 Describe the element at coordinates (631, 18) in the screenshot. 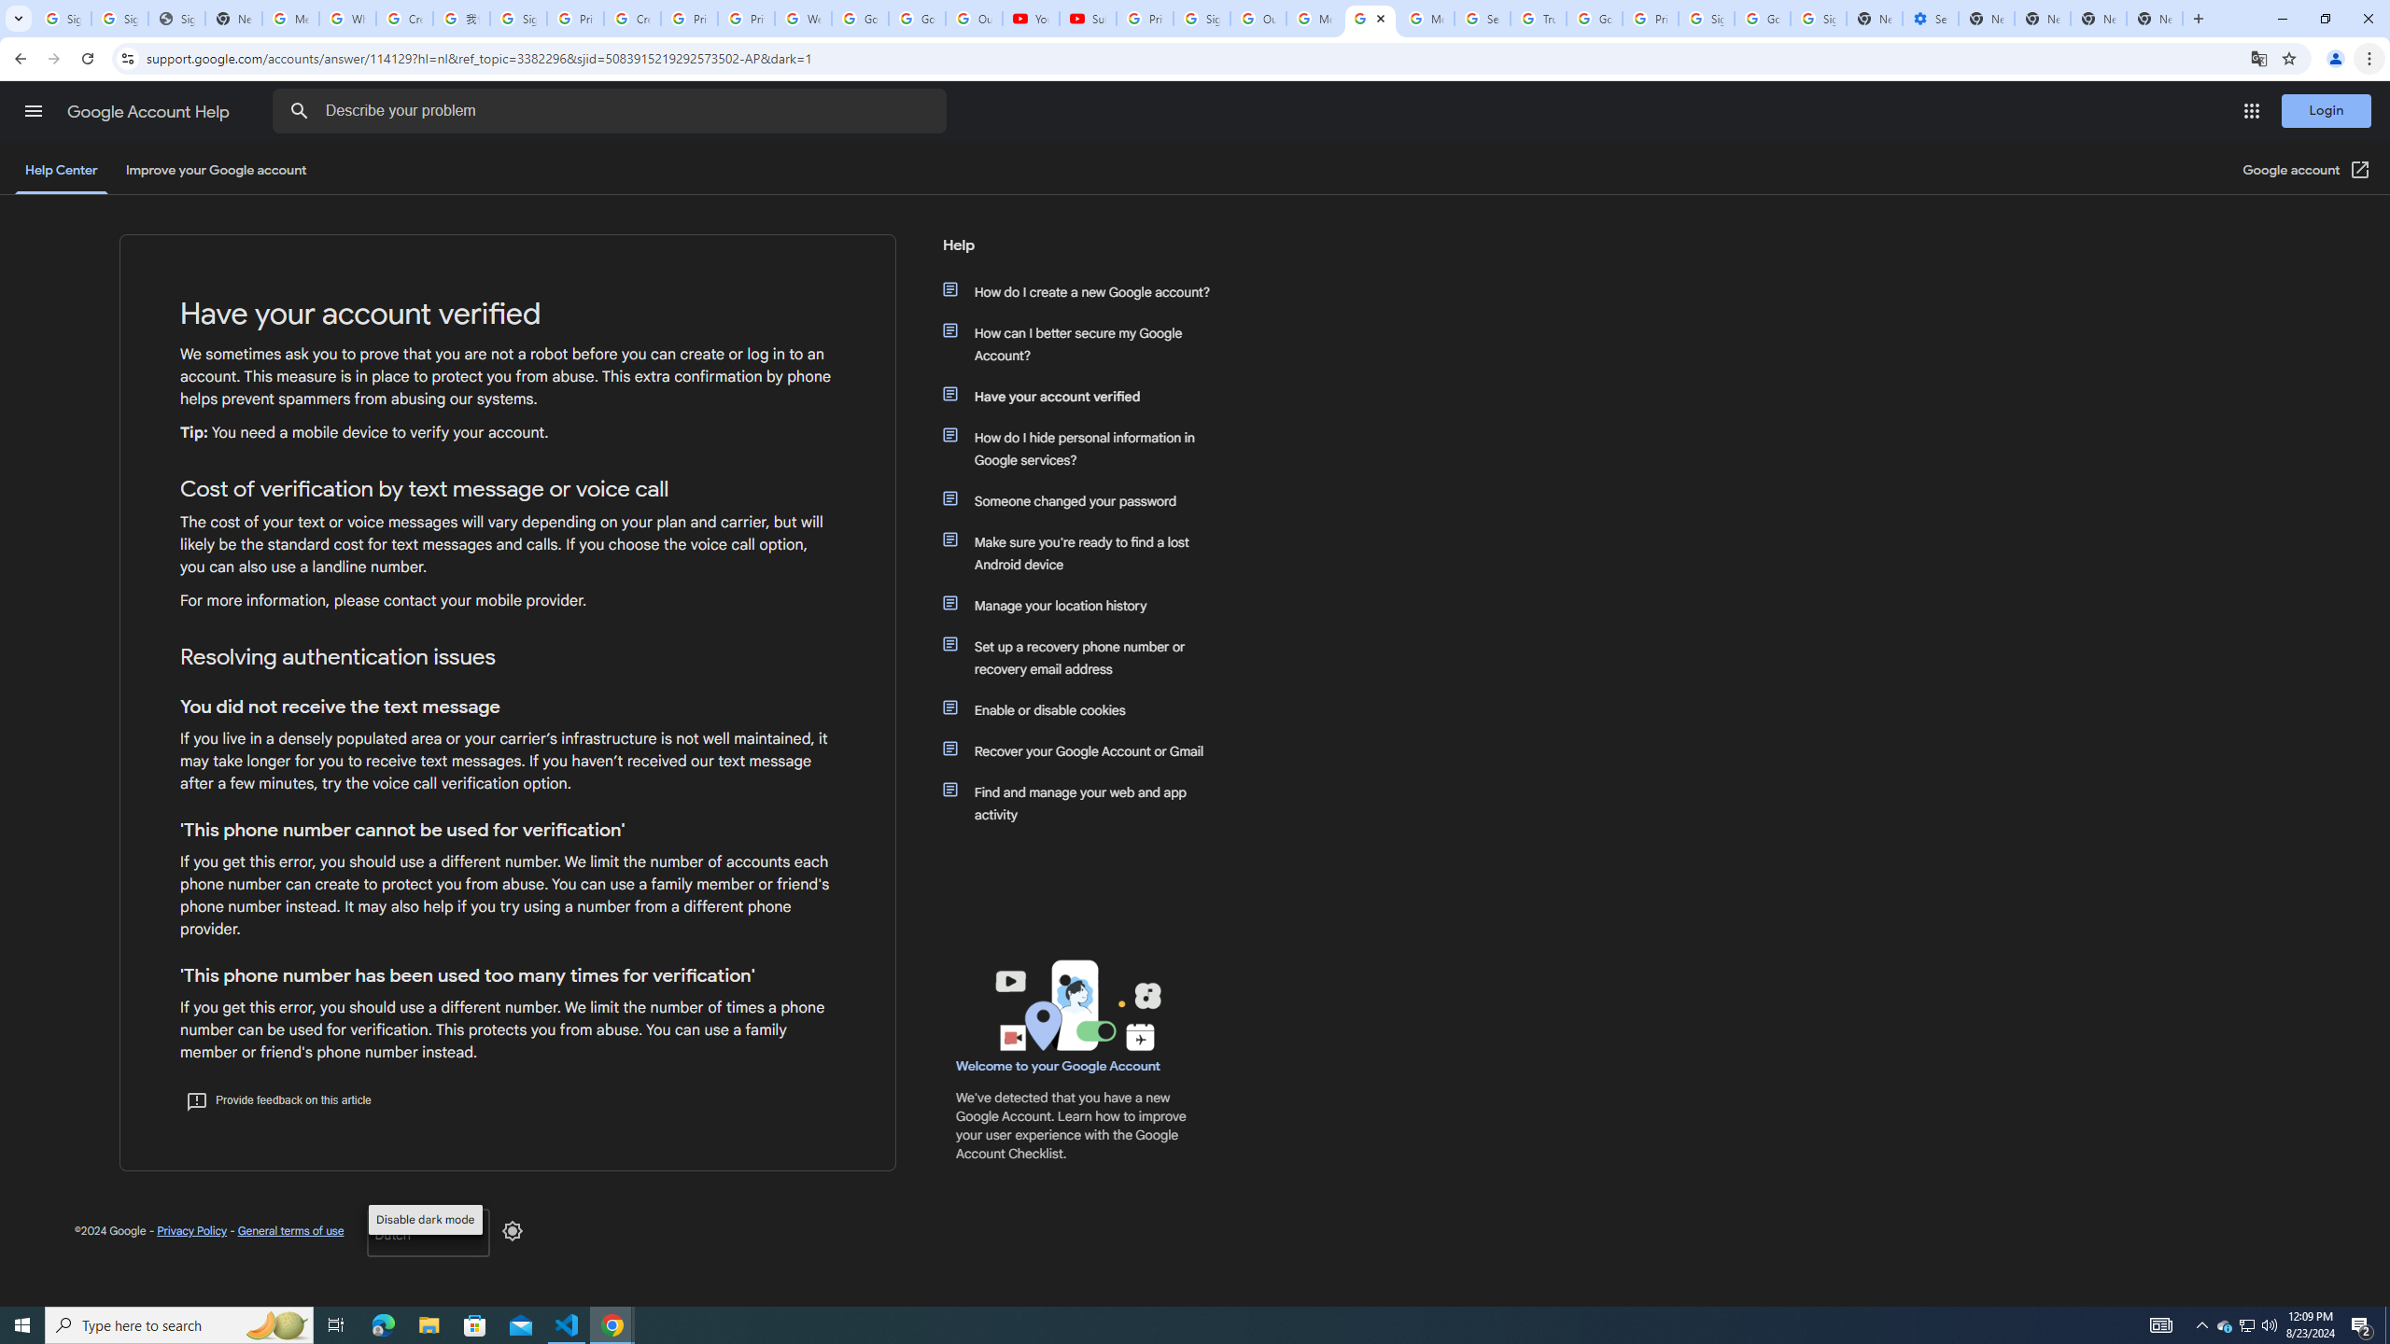

I see `'Create your Google Account'` at that location.